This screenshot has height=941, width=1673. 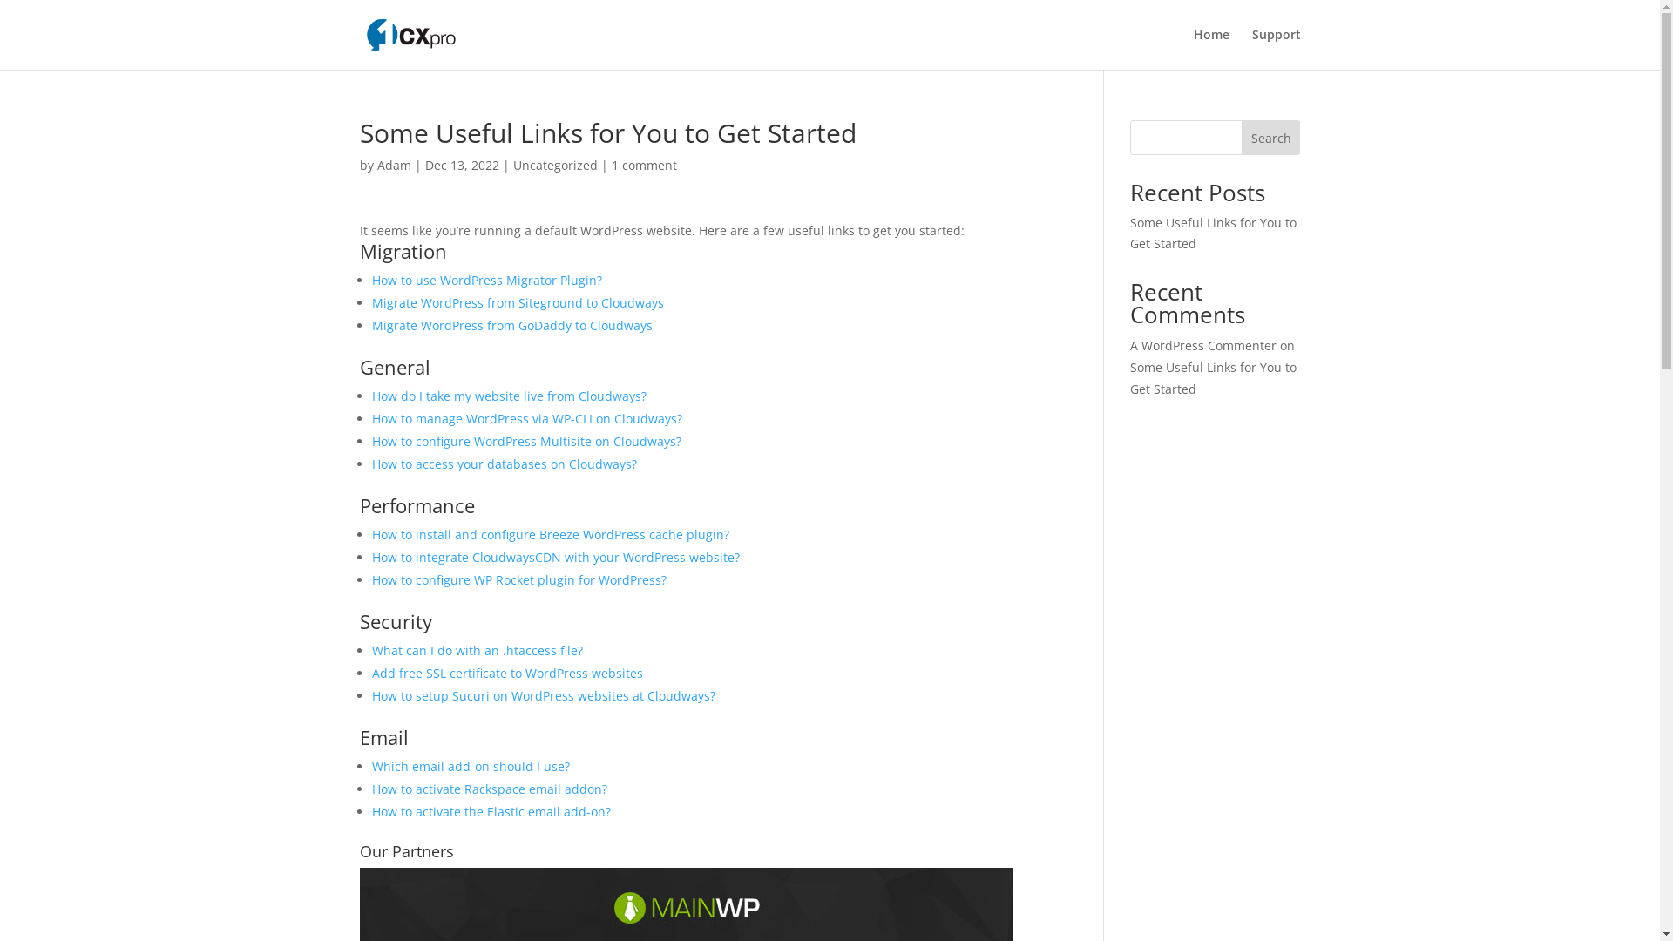 What do you see at coordinates (489, 811) in the screenshot?
I see `'How to activate the Elastic email add-on?'` at bounding box center [489, 811].